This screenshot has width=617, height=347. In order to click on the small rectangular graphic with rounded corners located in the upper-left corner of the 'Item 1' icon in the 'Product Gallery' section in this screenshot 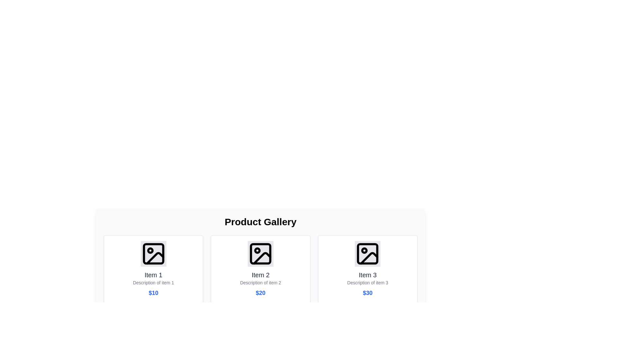, I will do `click(153, 254)`.